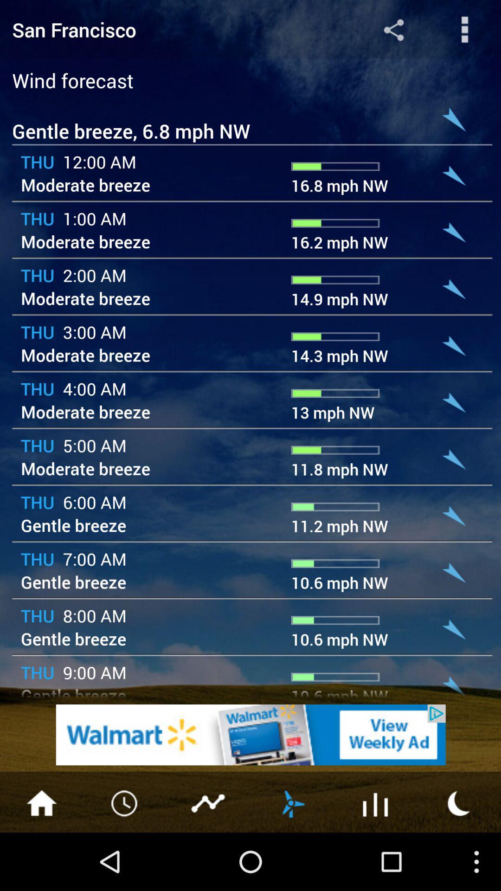 This screenshot has width=501, height=891. What do you see at coordinates (376, 802) in the screenshot?
I see `choose the selection` at bounding box center [376, 802].